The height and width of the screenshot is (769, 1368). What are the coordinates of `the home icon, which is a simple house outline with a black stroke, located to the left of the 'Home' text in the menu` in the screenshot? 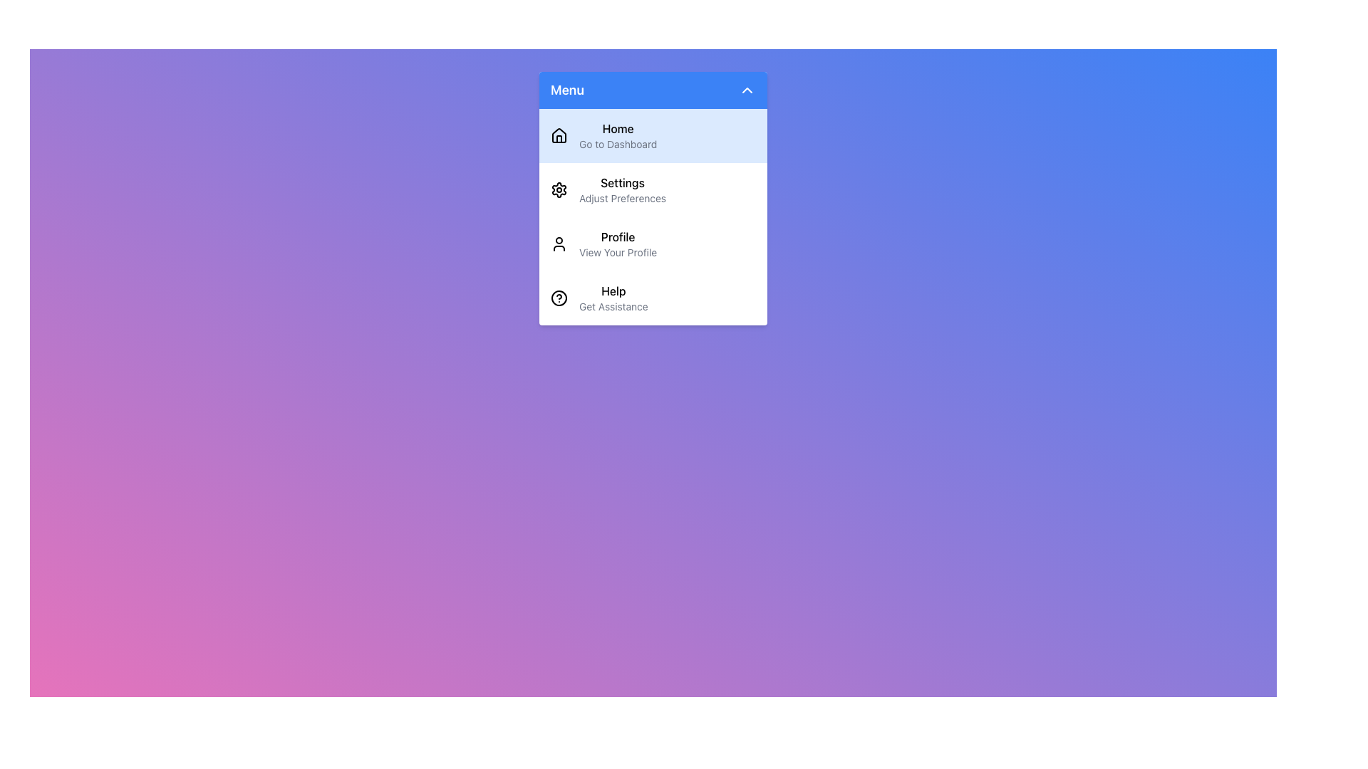 It's located at (559, 136).